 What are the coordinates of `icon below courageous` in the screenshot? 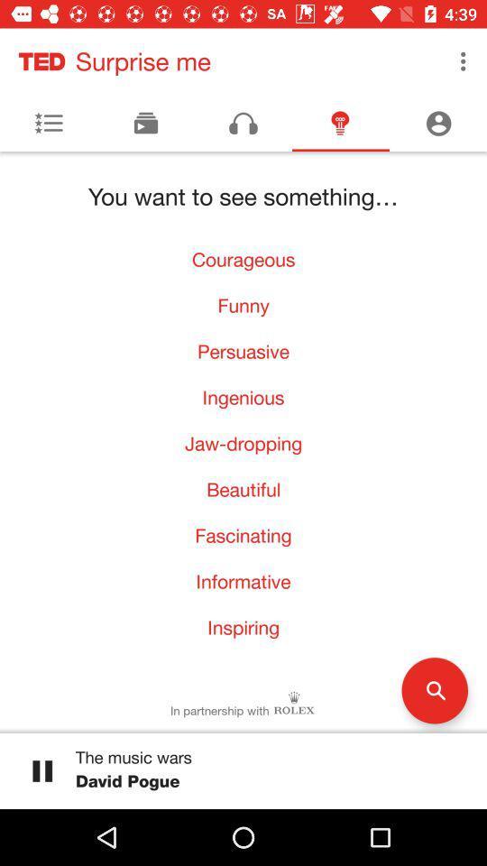 It's located at (243, 305).